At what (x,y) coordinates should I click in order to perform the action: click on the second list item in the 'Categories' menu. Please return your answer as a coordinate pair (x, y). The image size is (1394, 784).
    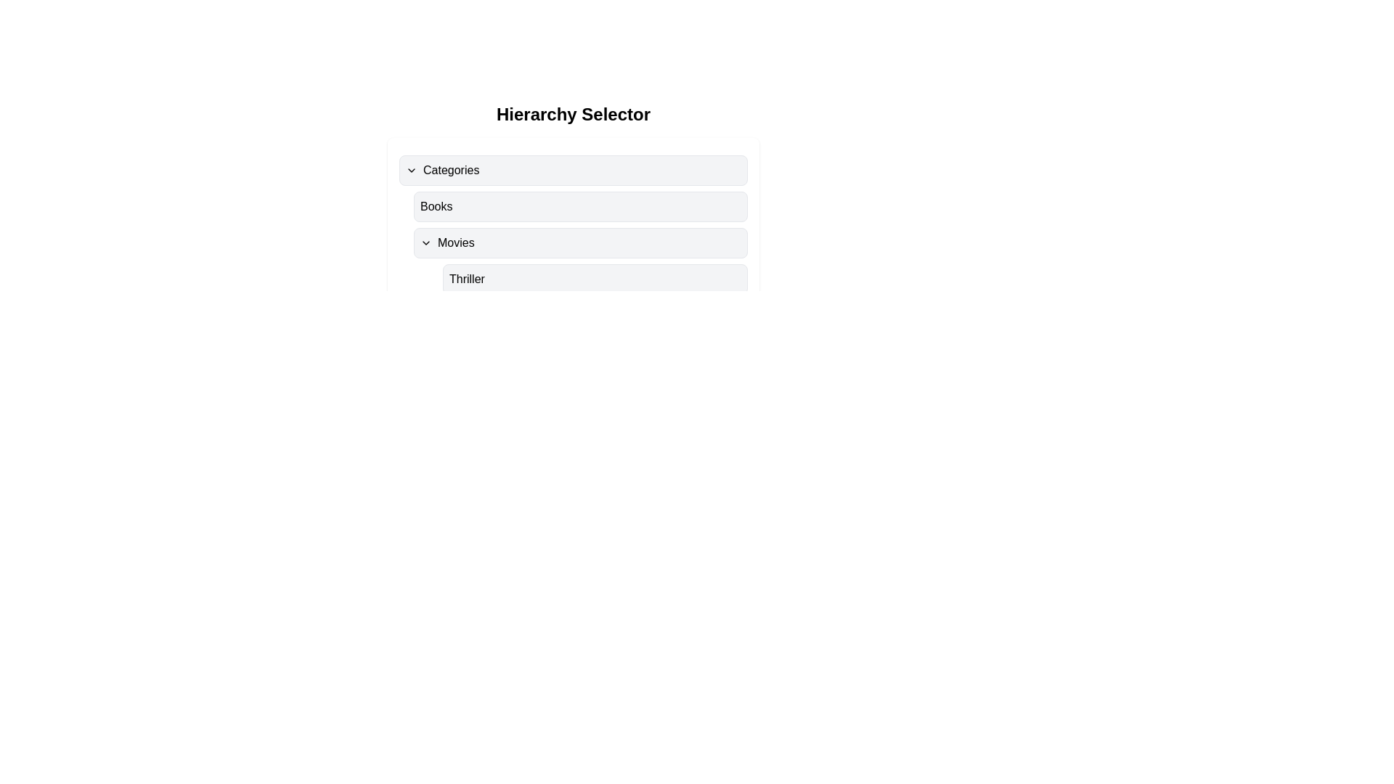
    Looking at the image, I should click on (573, 207).